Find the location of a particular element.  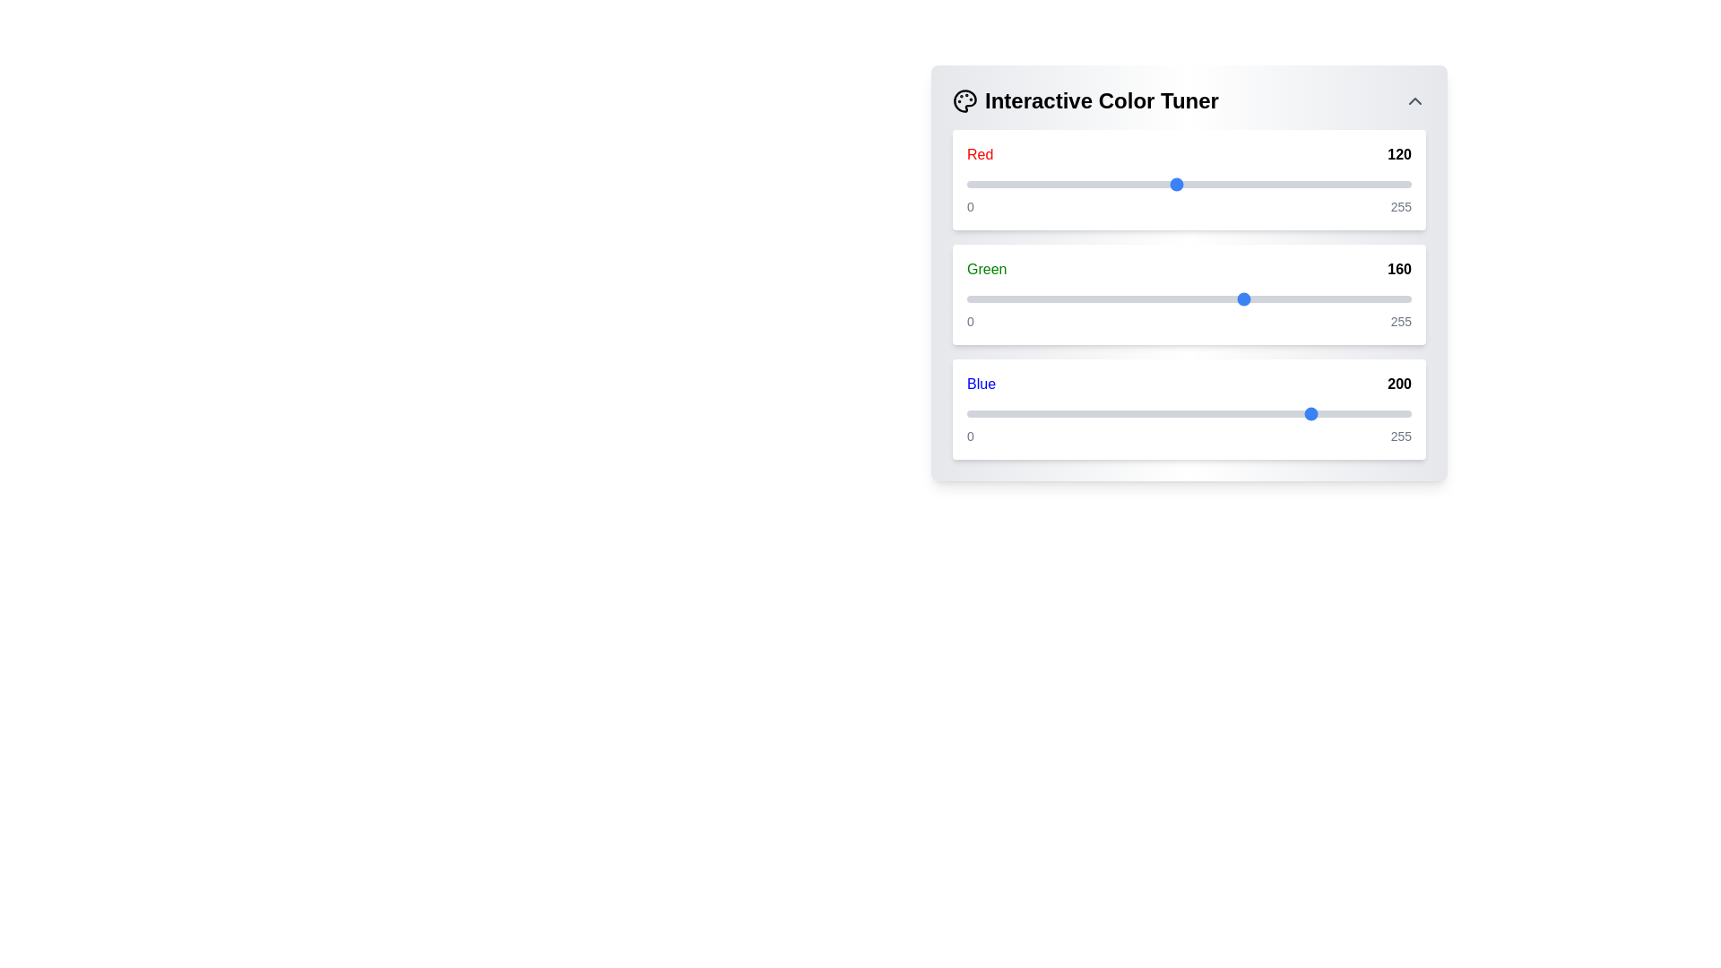

the static text label displaying the current value of the 'Green' slider in the color tuner widget, which shows the numeric value '160' is located at coordinates (1398, 269).